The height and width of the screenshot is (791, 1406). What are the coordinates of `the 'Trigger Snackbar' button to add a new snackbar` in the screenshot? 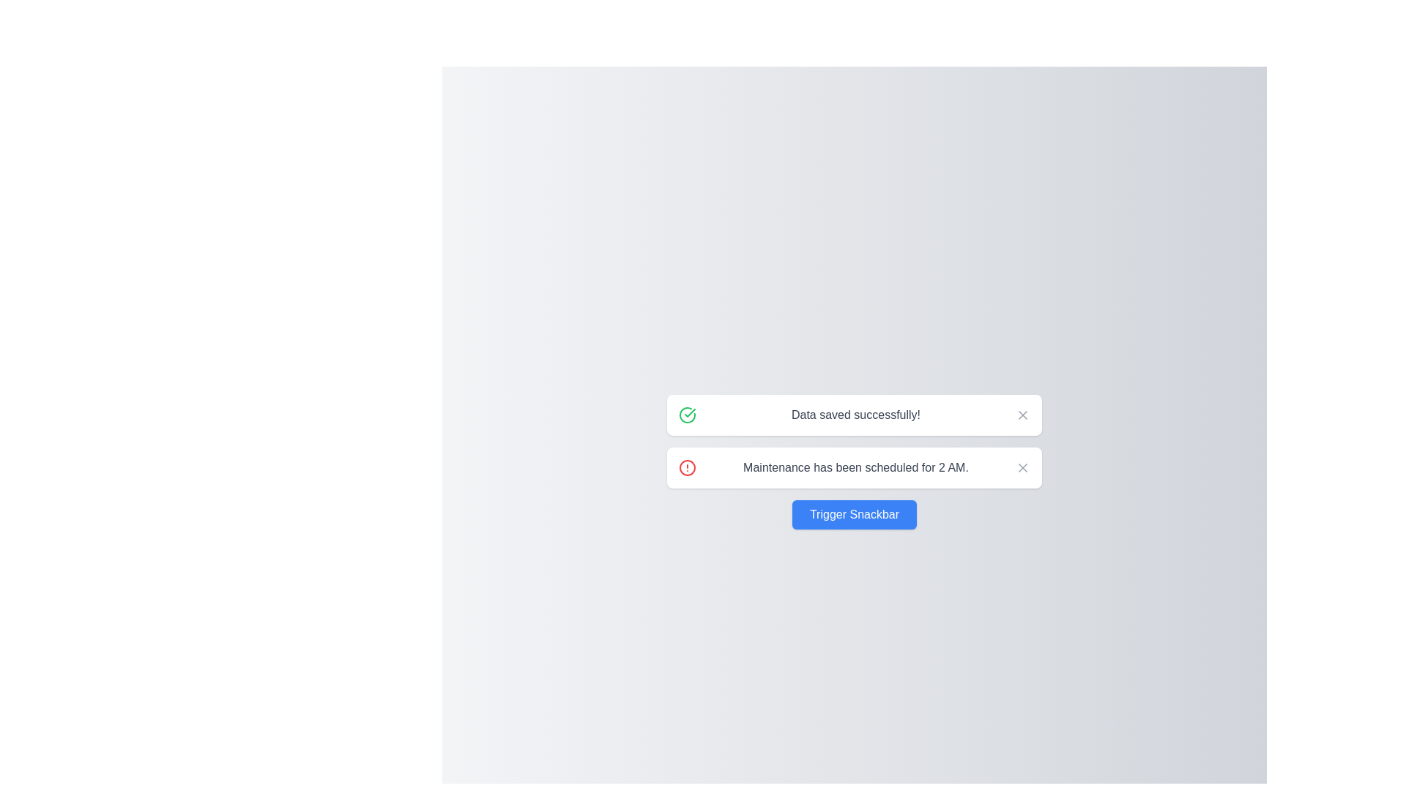 It's located at (854, 513).